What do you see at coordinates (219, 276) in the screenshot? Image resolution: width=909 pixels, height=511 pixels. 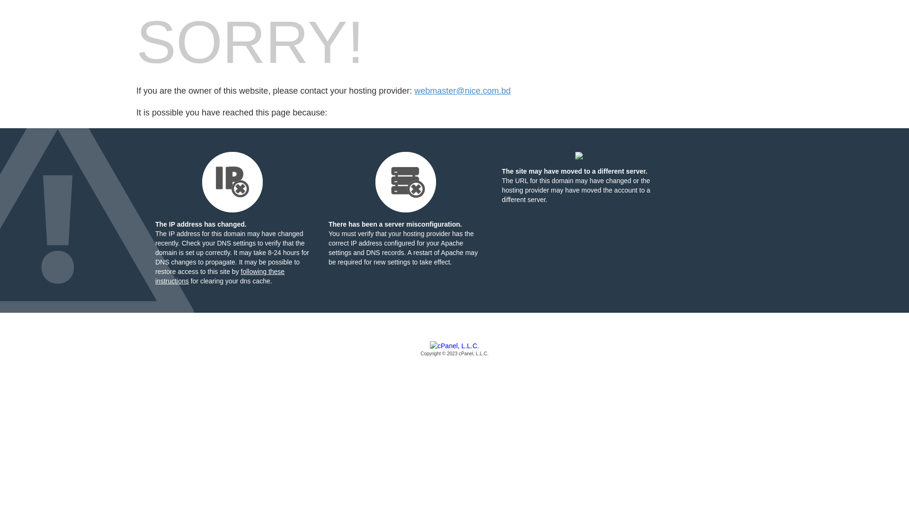 I see `'following these instructions'` at bounding box center [219, 276].